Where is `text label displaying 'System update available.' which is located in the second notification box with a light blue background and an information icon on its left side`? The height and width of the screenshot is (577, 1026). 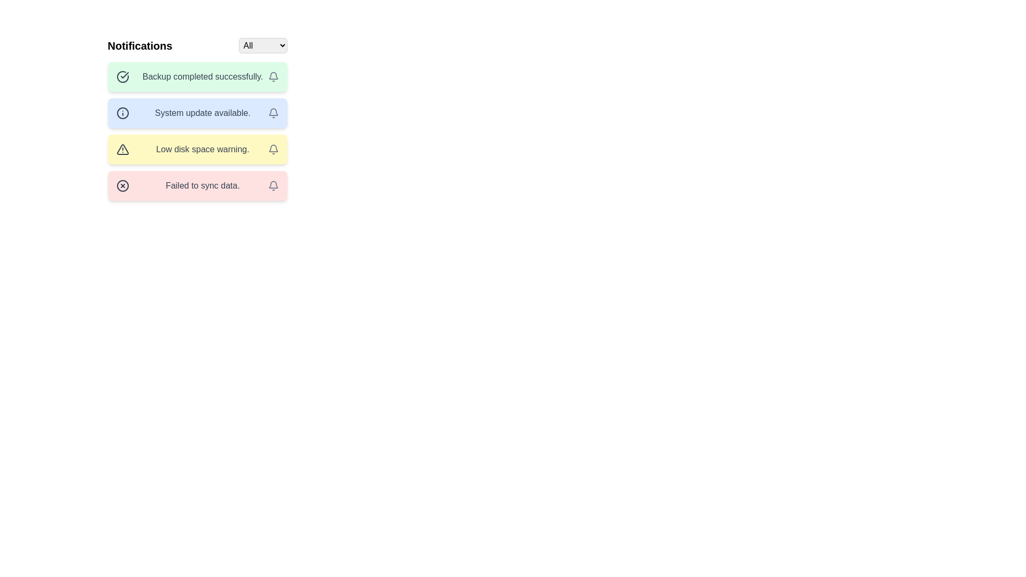 text label displaying 'System update available.' which is located in the second notification box with a light blue background and an information icon on its left side is located at coordinates (203, 113).